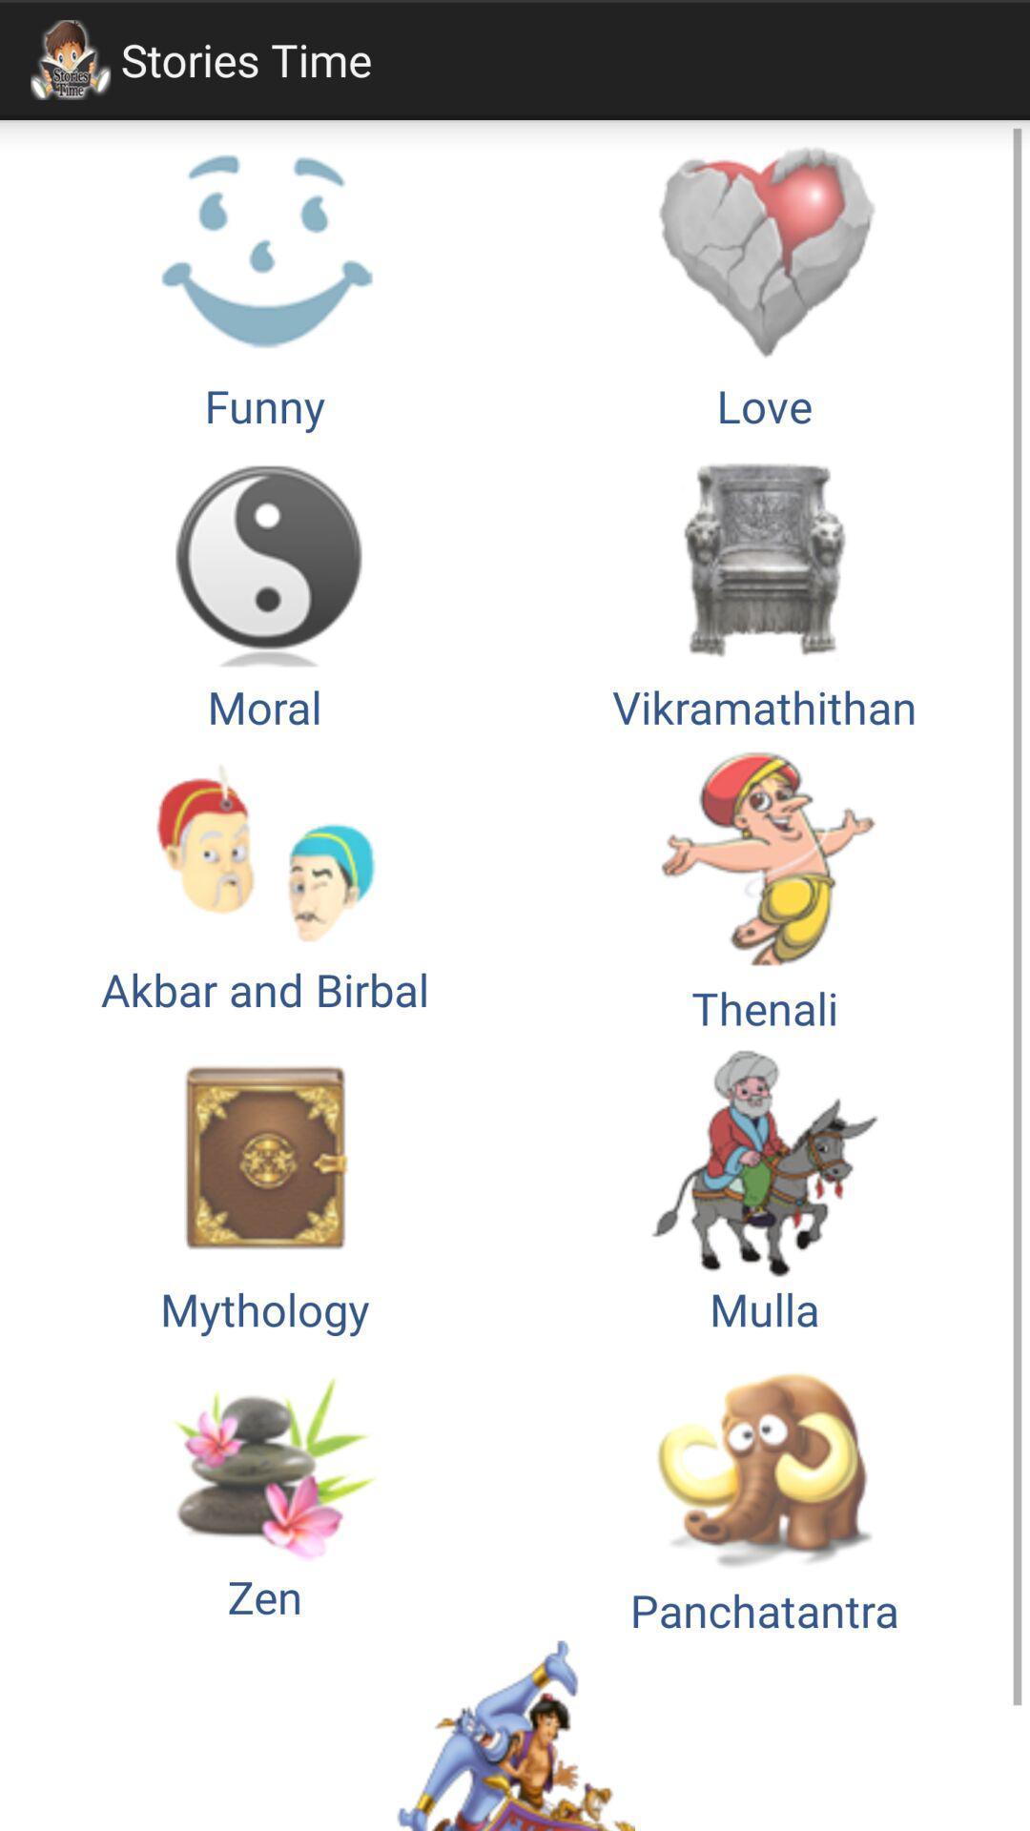  What do you see at coordinates (264, 284) in the screenshot?
I see `button above the moral icon` at bounding box center [264, 284].